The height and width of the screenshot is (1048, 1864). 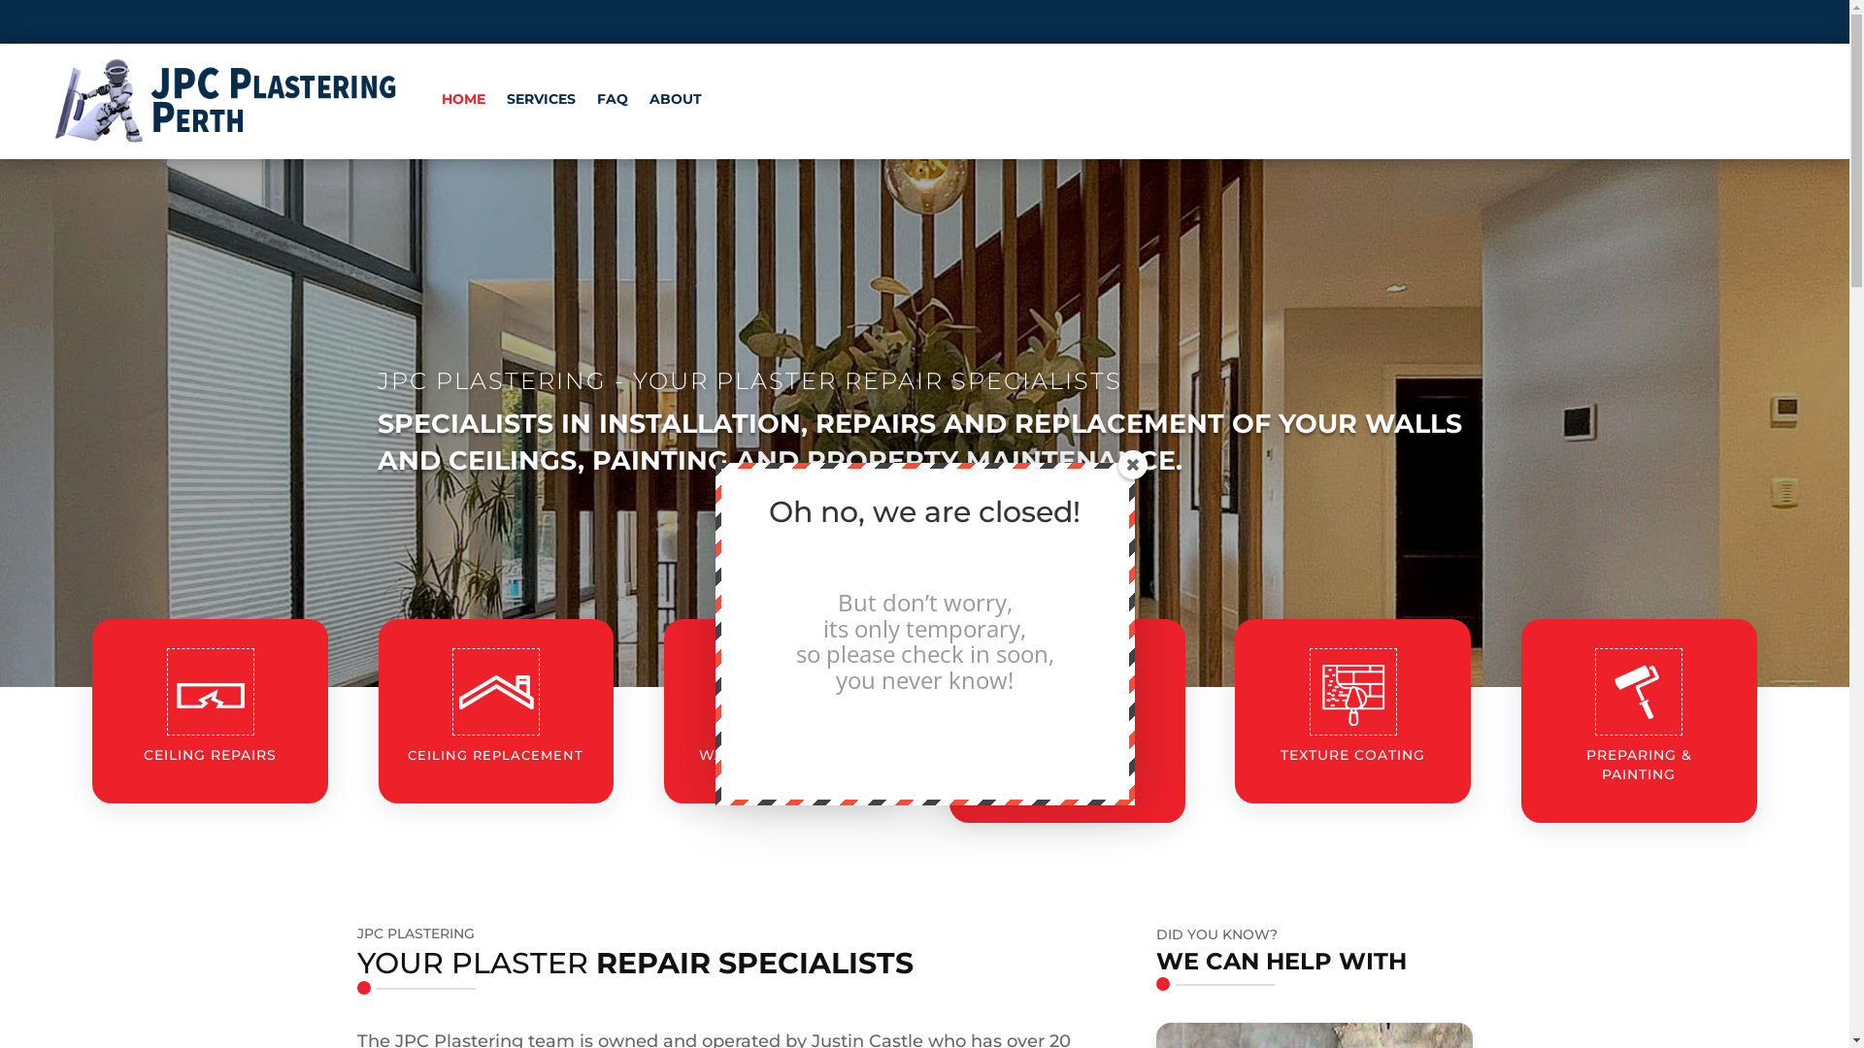 What do you see at coordinates (541, 98) in the screenshot?
I see `'SERVICES'` at bounding box center [541, 98].